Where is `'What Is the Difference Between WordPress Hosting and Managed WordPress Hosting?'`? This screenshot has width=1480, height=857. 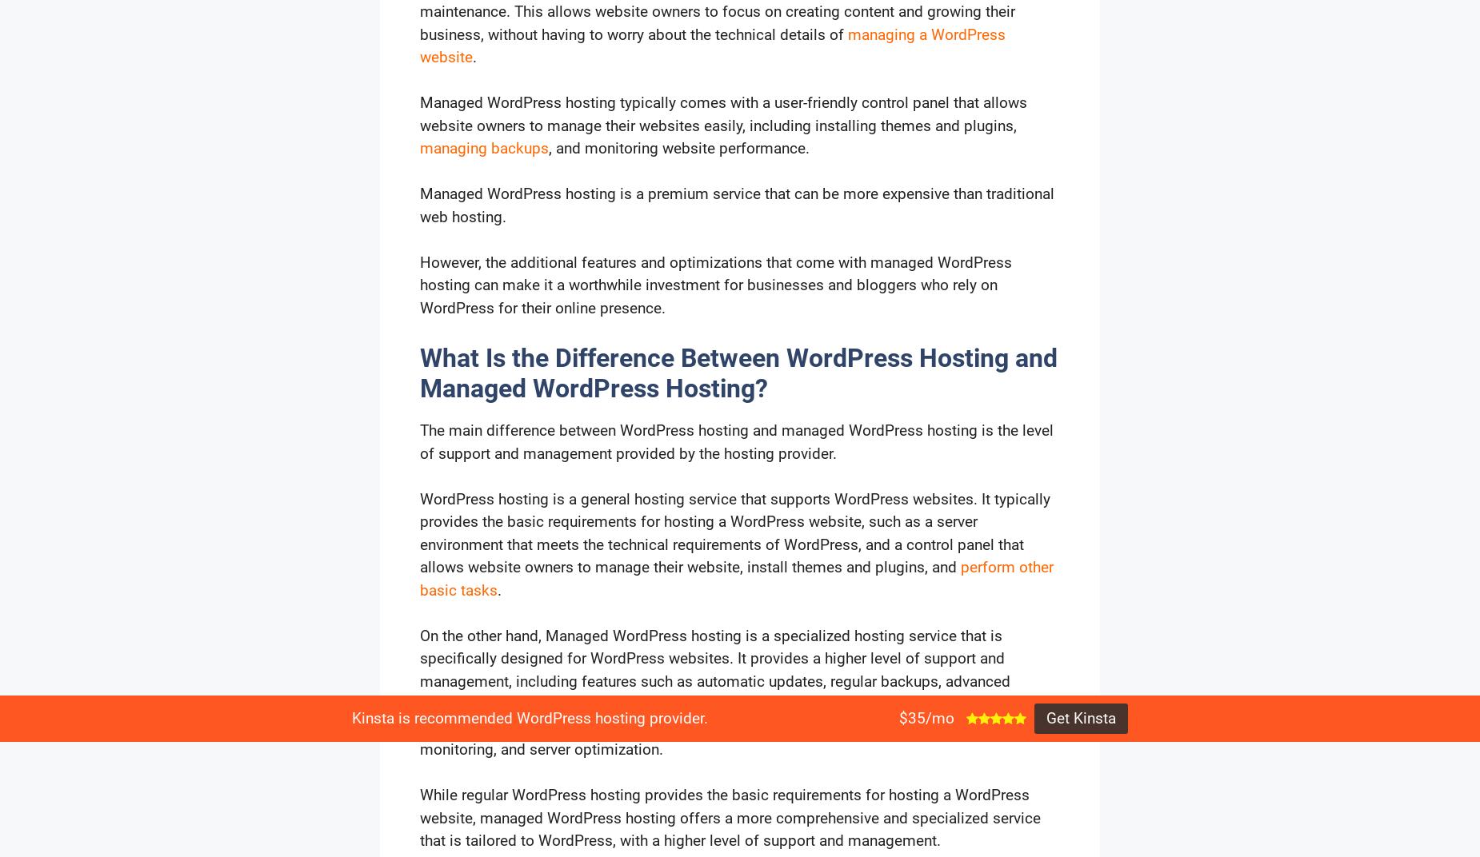 'What Is the Difference Between WordPress Hosting and Managed WordPress Hosting?' is located at coordinates (738, 372).